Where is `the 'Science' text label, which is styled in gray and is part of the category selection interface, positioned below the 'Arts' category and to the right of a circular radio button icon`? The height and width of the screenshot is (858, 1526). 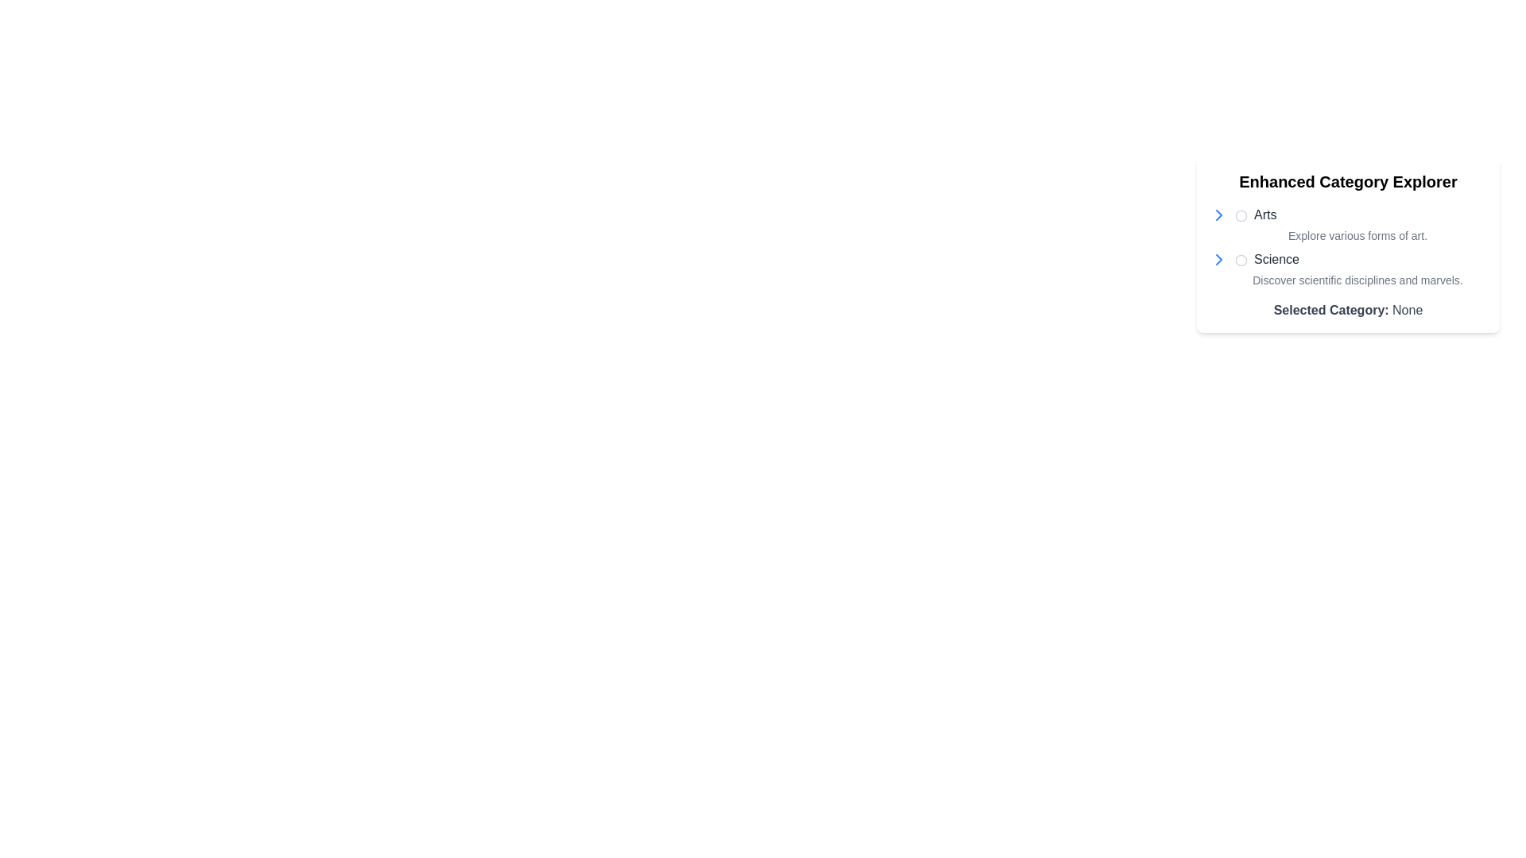 the 'Science' text label, which is styled in gray and is part of the category selection interface, positioned below the 'Arts' category and to the right of a circular radio button icon is located at coordinates (1276, 258).